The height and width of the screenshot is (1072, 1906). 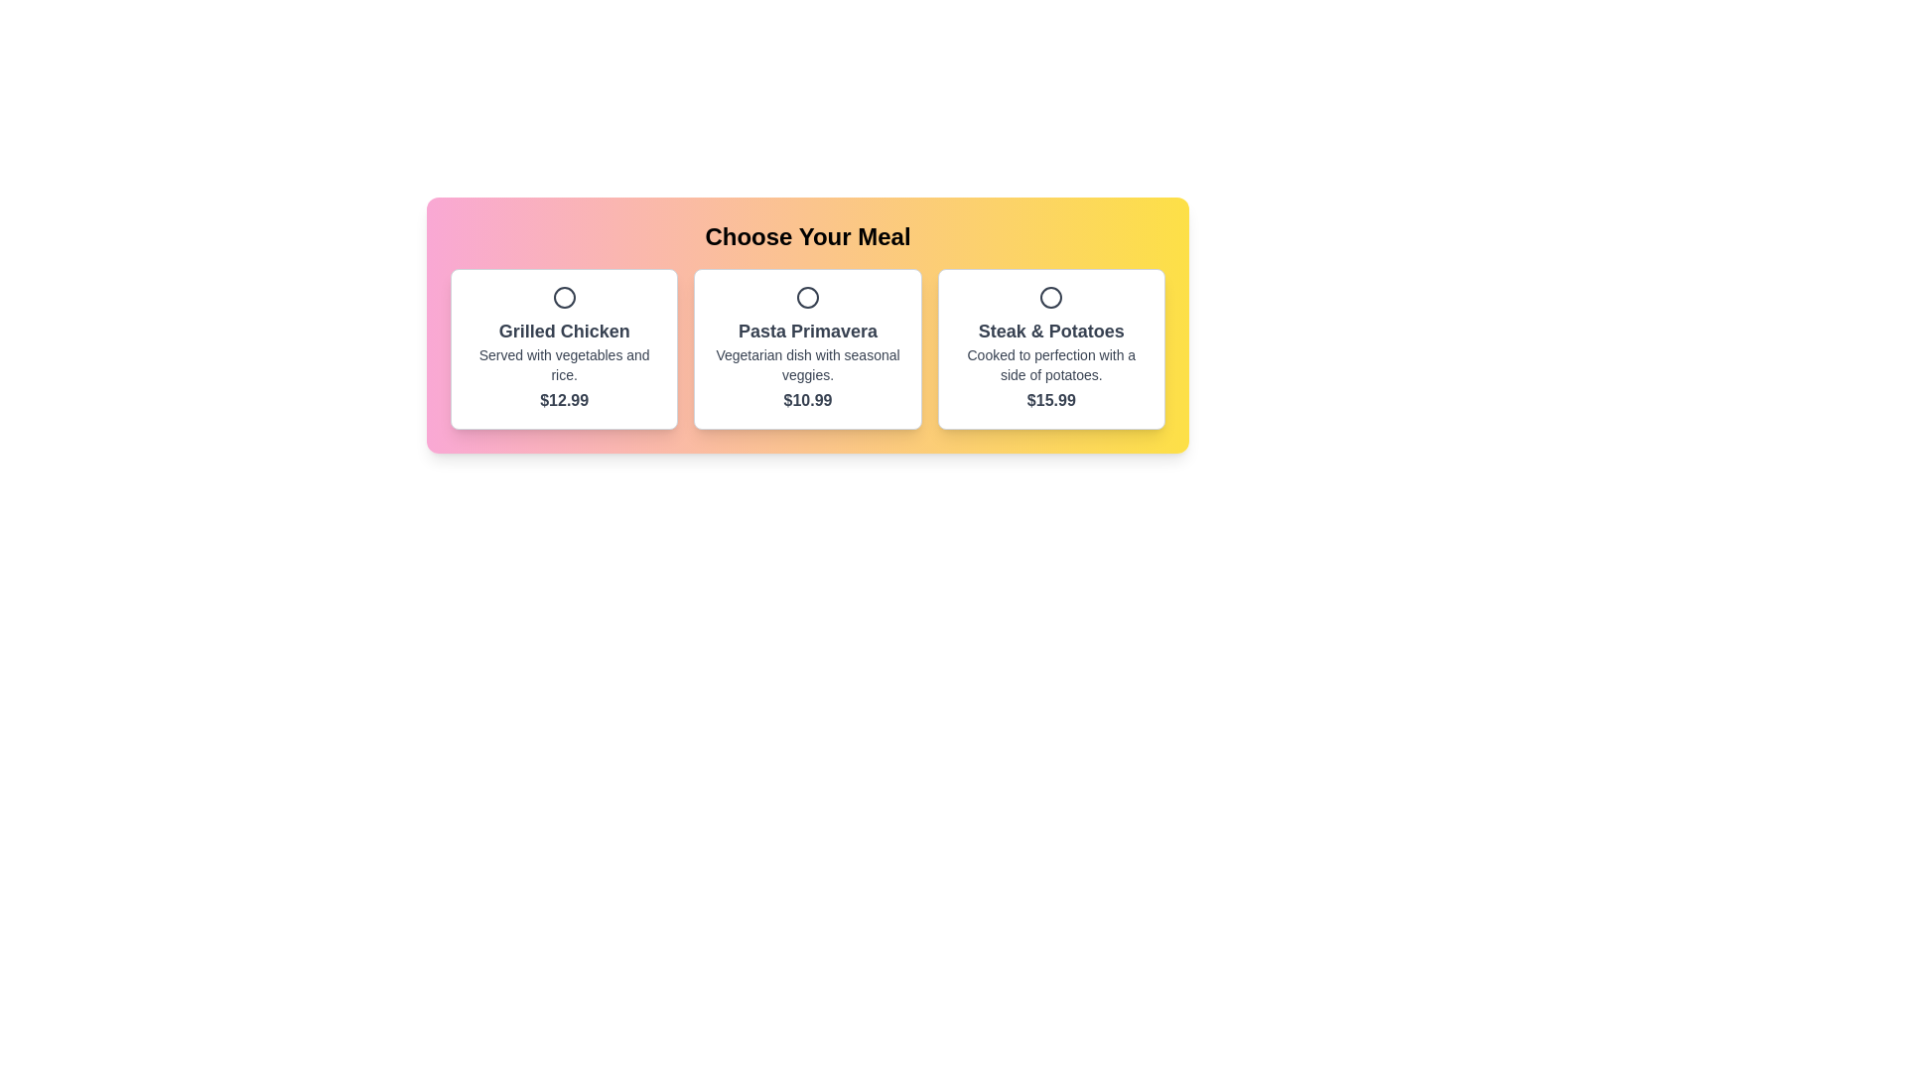 What do you see at coordinates (808, 364) in the screenshot?
I see `the Text Label that describes the dish 'Pasta Primavera', located in the middle card segment under the main title 'Choose Your Meal'` at bounding box center [808, 364].